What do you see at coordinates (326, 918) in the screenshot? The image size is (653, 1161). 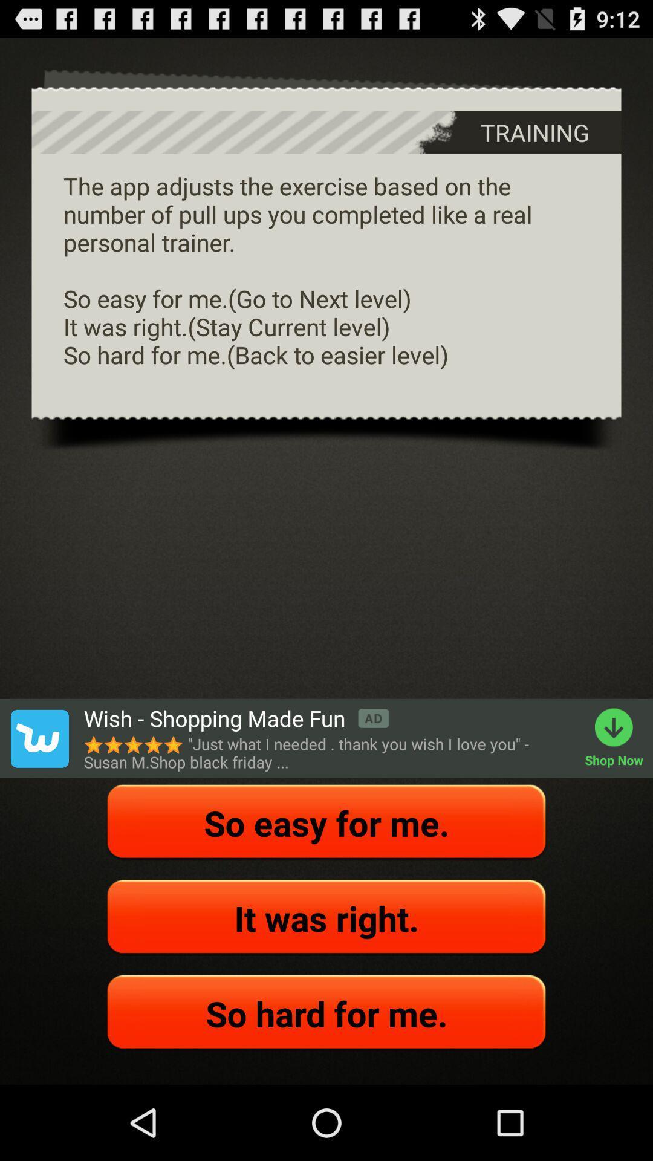 I see `icon below the so easy for` at bounding box center [326, 918].